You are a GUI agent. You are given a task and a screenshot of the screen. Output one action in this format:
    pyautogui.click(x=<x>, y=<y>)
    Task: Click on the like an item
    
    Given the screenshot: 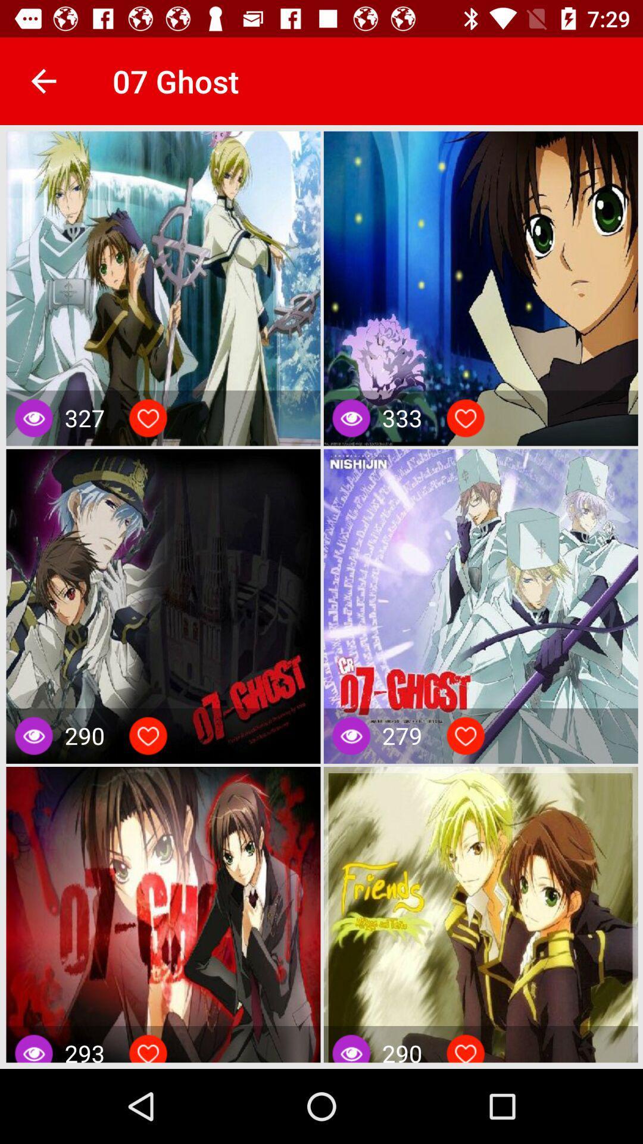 What is the action you would take?
    pyautogui.click(x=148, y=735)
    